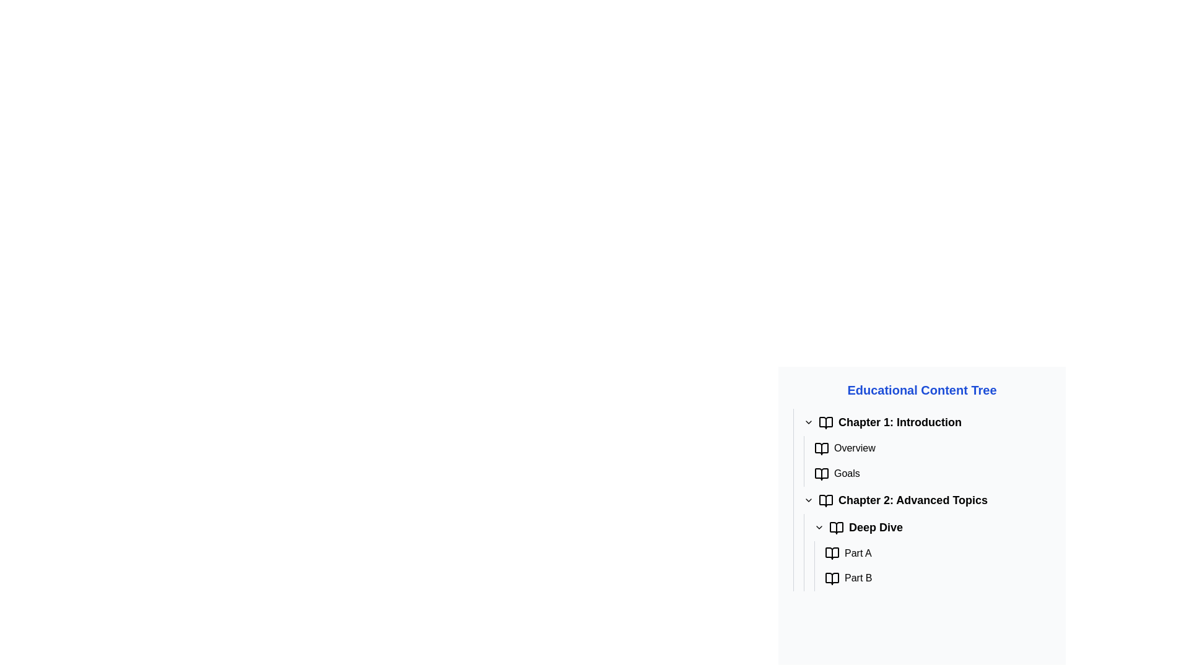  I want to click on the icon representing 'Part B' in the Educational Content Tree section, so click(832, 579).